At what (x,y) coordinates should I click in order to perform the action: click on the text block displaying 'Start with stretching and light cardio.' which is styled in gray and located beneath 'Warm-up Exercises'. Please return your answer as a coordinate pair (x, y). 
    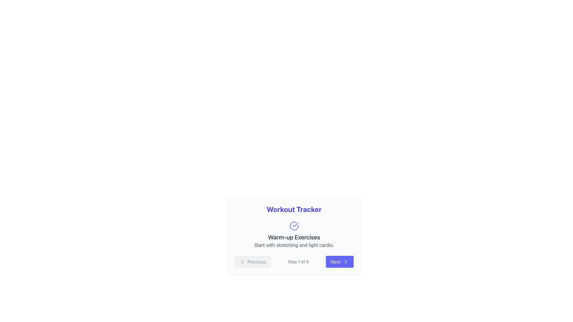
    Looking at the image, I should click on (294, 245).